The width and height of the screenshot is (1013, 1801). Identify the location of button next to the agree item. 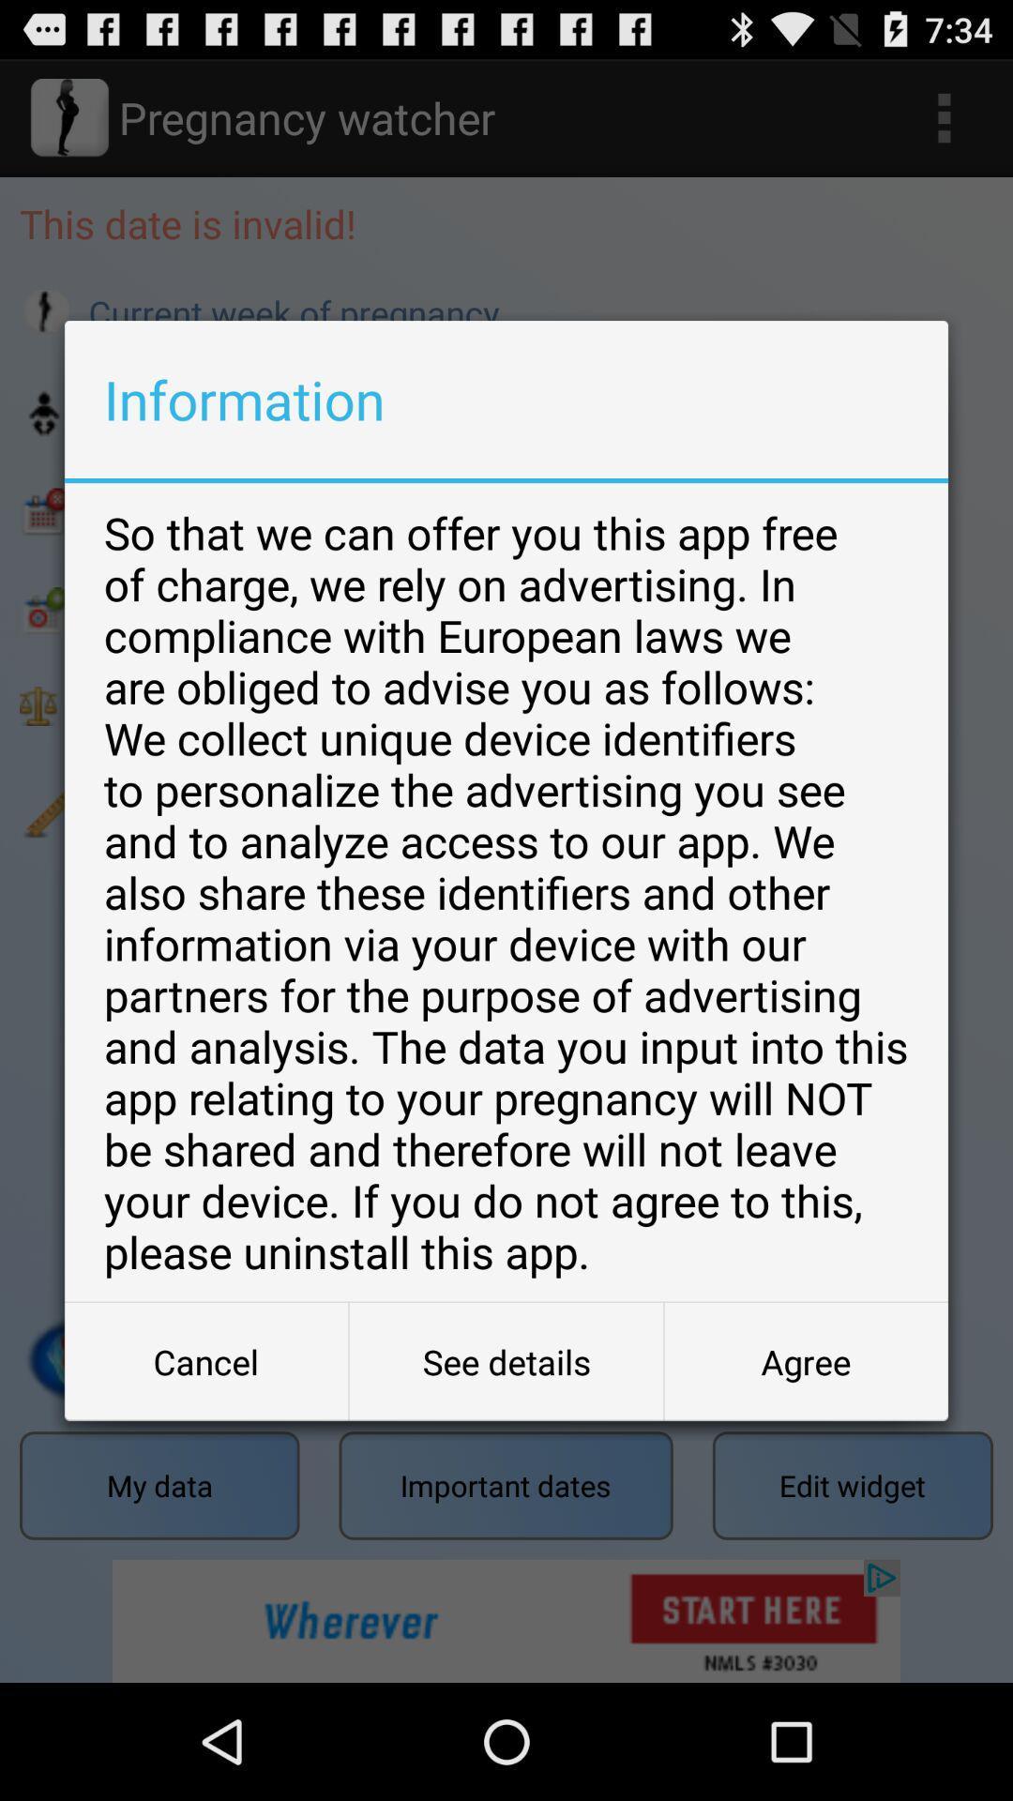
(506, 1361).